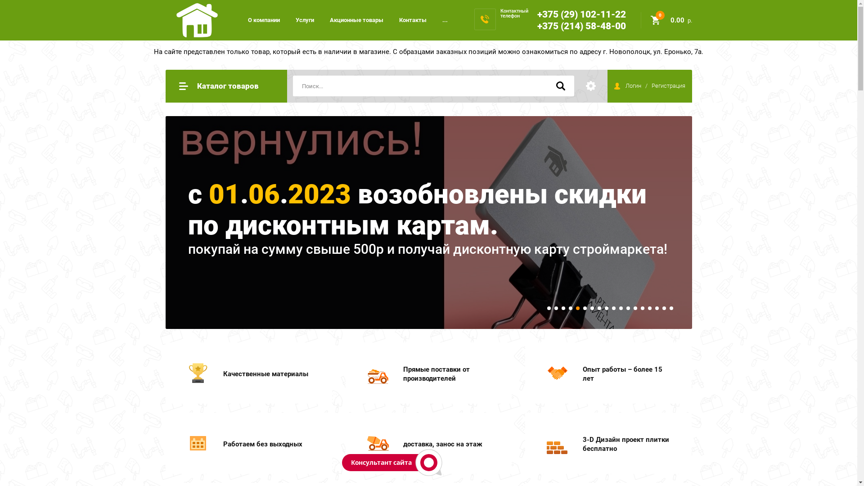 The image size is (864, 486). Describe the element at coordinates (621, 308) in the screenshot. I see `'11'` at that location.